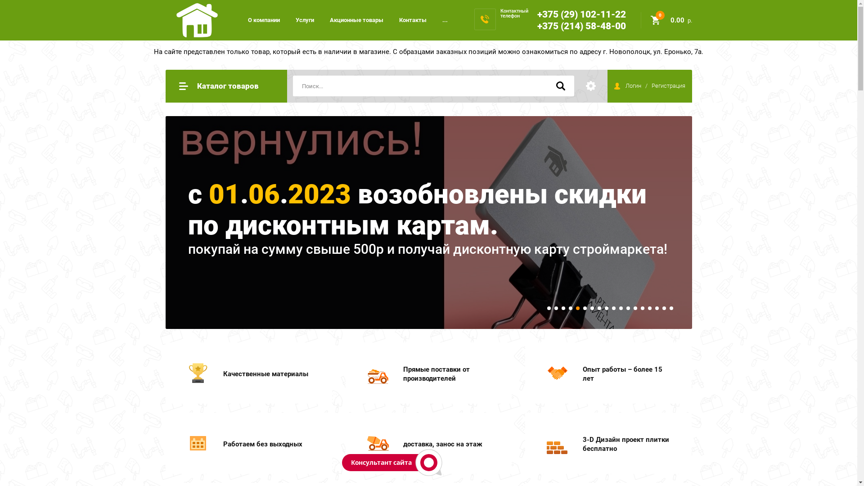 The image size is (864, 486). Describe the element at coordinates (621, 308) in the screenshot. I see `'11'` at that location.